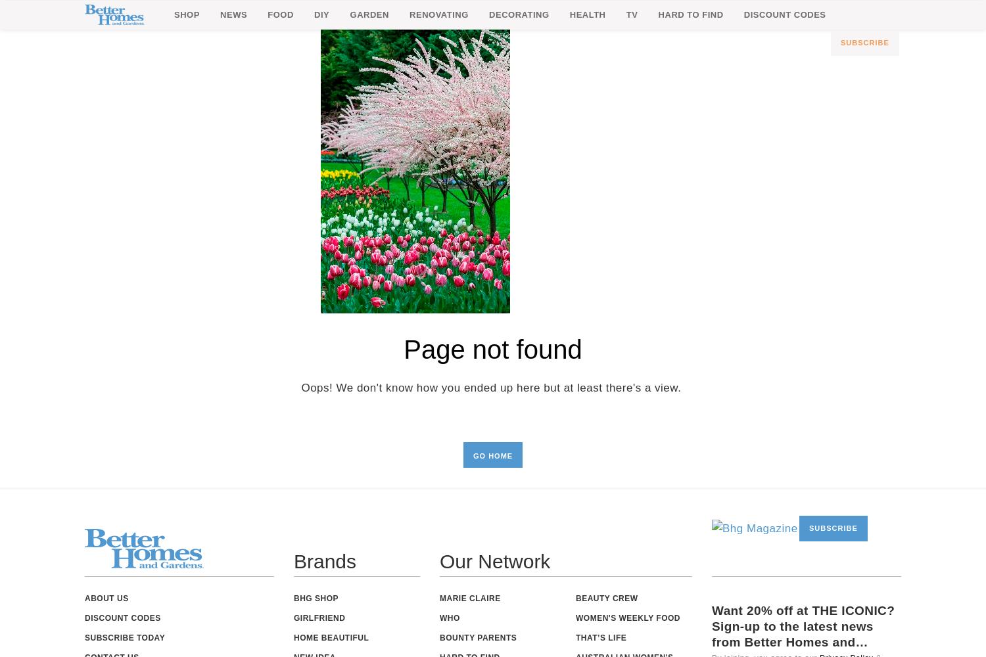 This screenshot has width=986, height=657. I want to click on 'That’s Life', so click(601, 637).